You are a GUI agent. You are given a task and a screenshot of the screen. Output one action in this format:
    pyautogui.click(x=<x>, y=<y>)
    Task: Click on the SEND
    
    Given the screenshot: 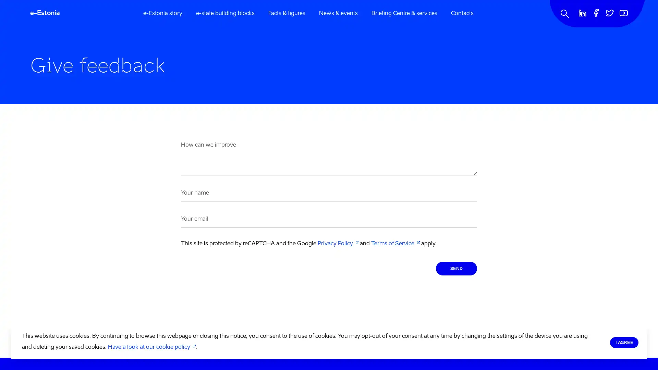 What is the action you would take?
    pyautogui.click(x=456, y=268)
    